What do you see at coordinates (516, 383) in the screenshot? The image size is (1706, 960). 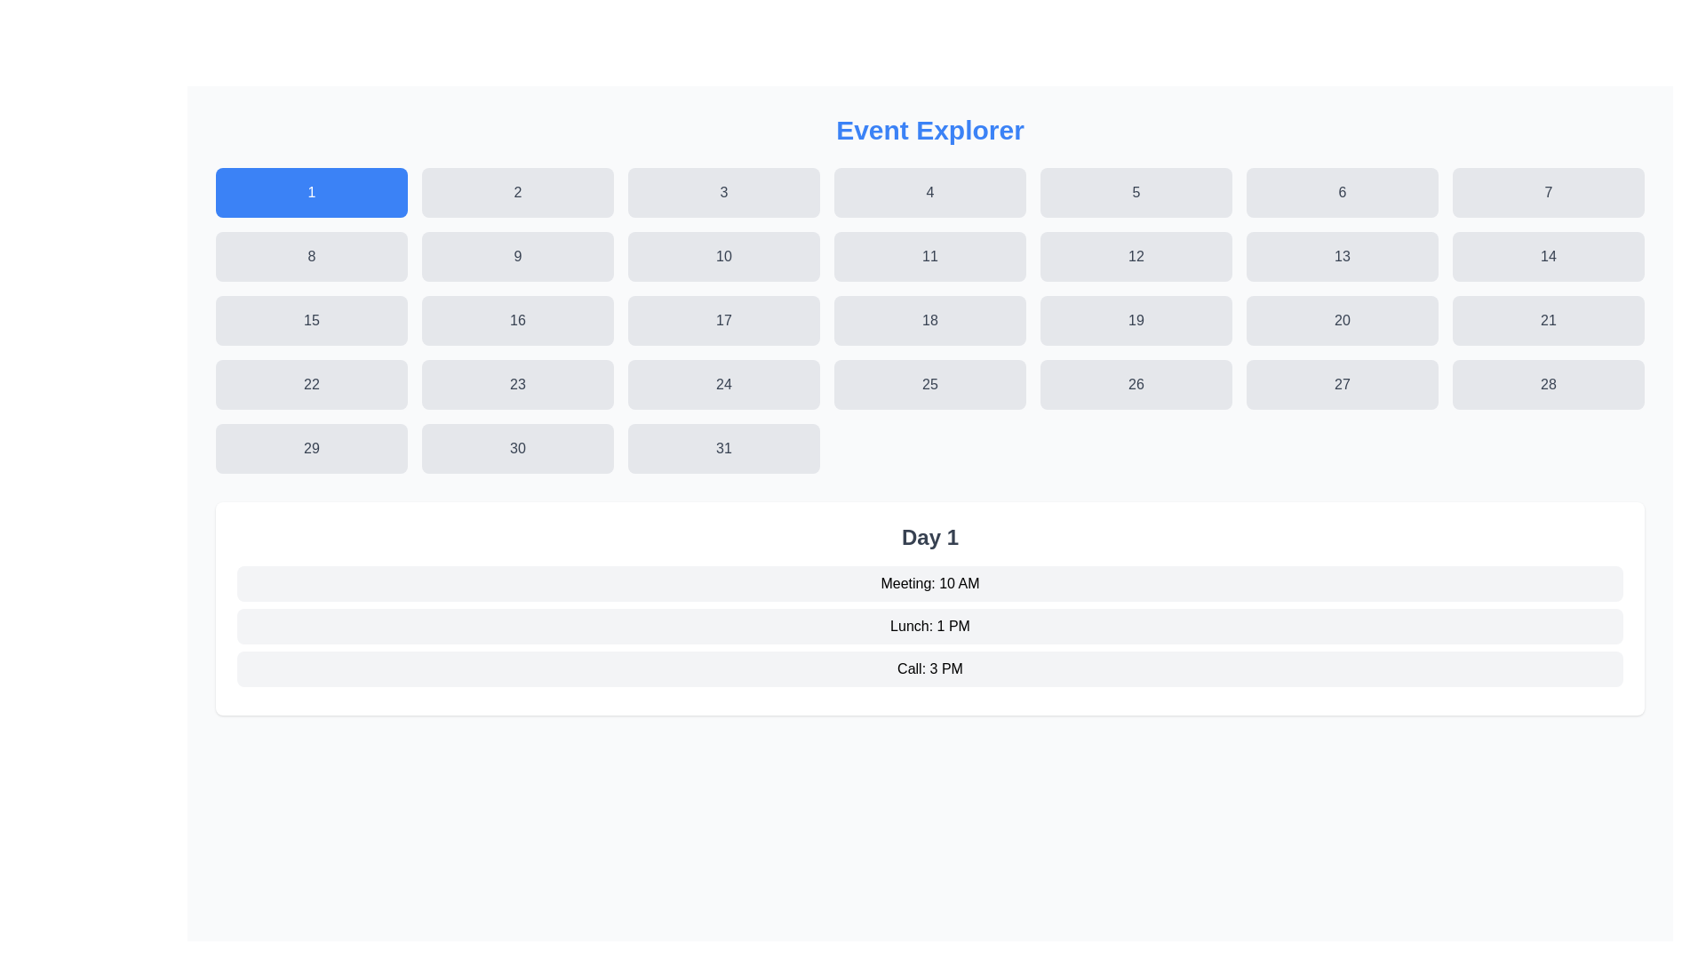 I see `the button displaying the number '23', which is a rectangular element with rounded corners and a light gray background` at bounding box center [516, 383].